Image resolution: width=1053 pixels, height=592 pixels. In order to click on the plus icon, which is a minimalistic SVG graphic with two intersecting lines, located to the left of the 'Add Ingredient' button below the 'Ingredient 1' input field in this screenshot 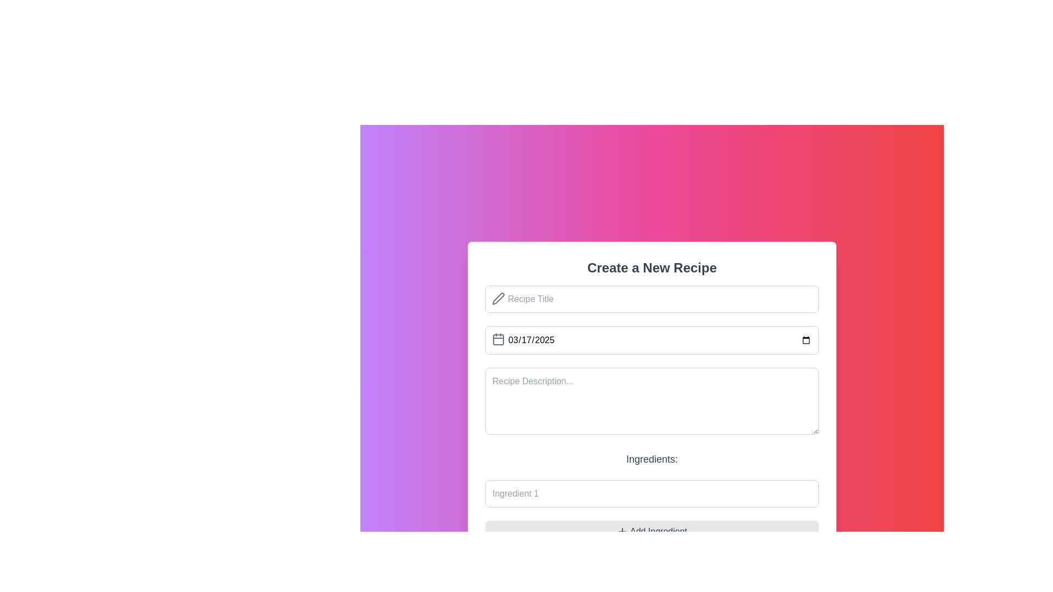, I will do `click(622, 531)`.